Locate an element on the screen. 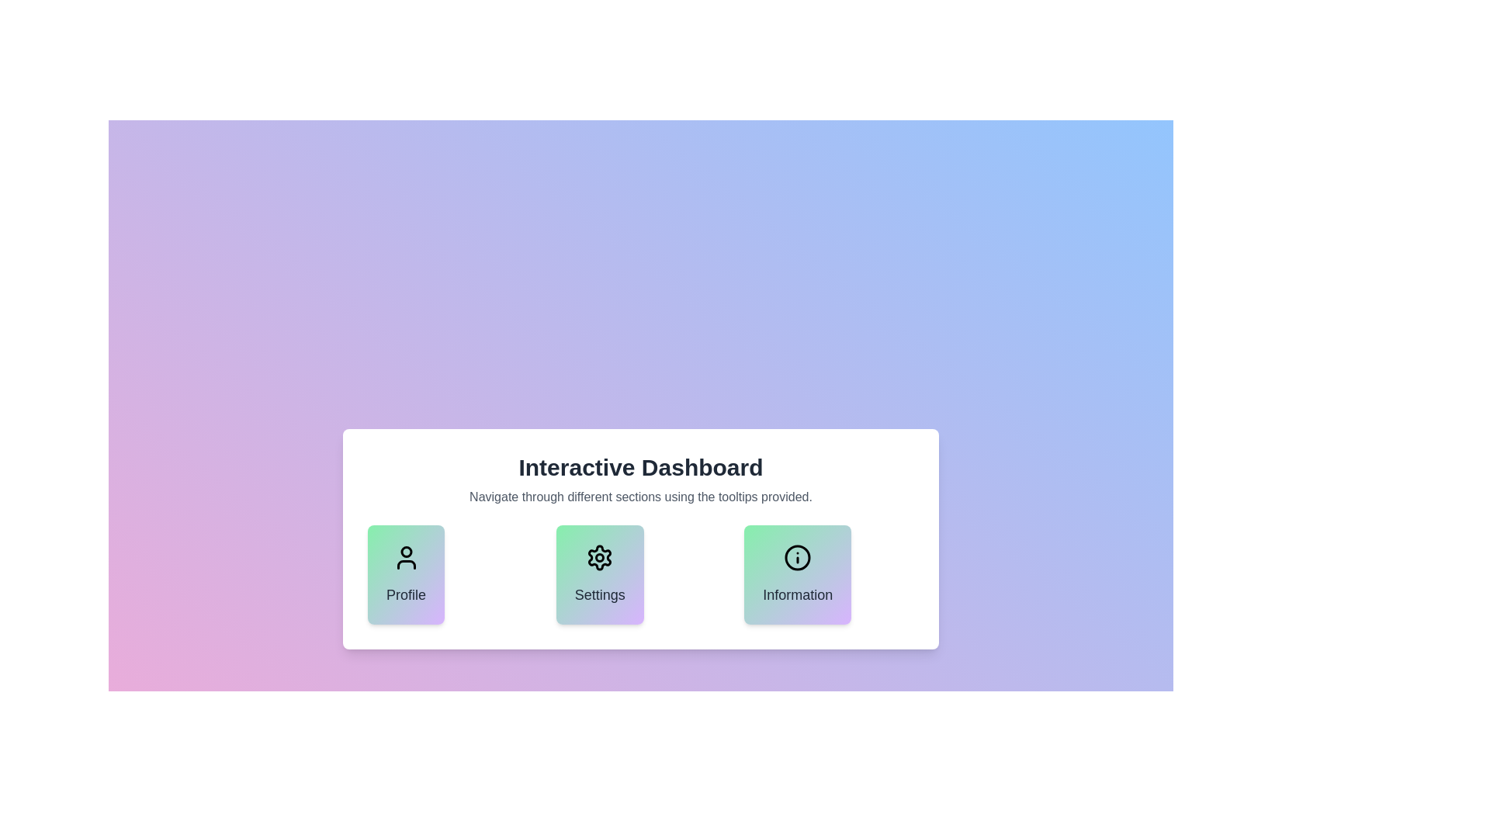  the settings button located in the middle of a row of three buttons in the dashboard interface is located at coordinates (640, 538).